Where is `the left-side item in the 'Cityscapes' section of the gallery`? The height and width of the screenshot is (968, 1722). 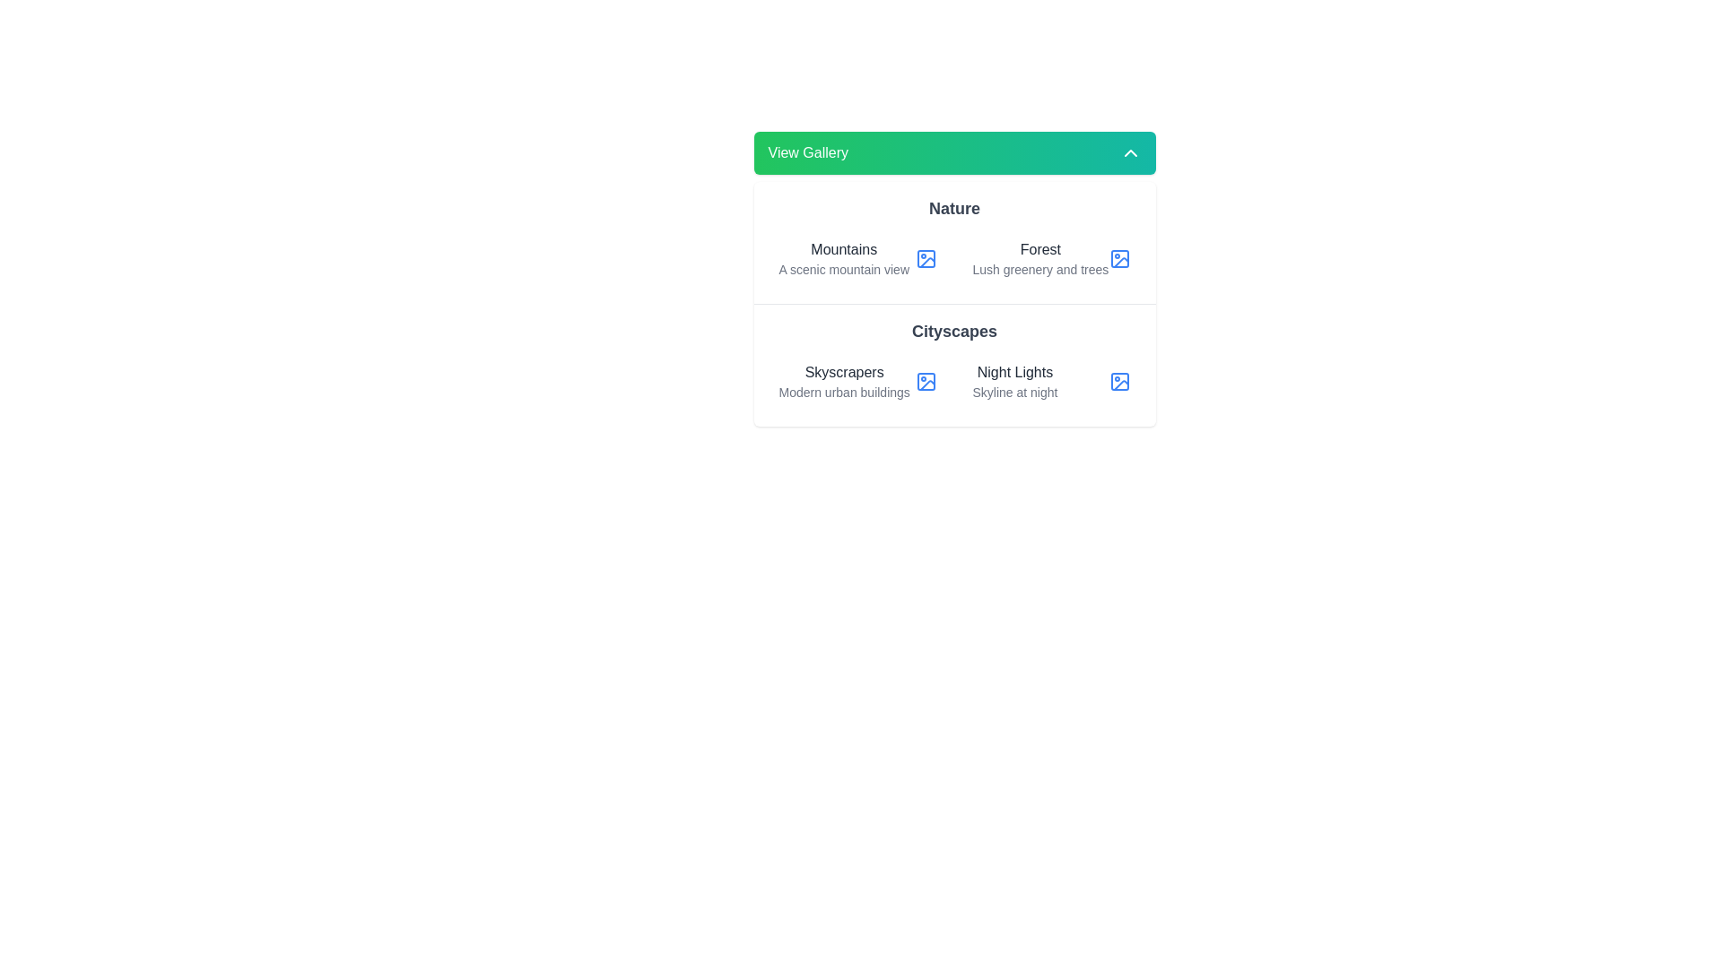 the left-side item in the 'Cityscapes' section of the gallery is located at coordinates (857, 380).